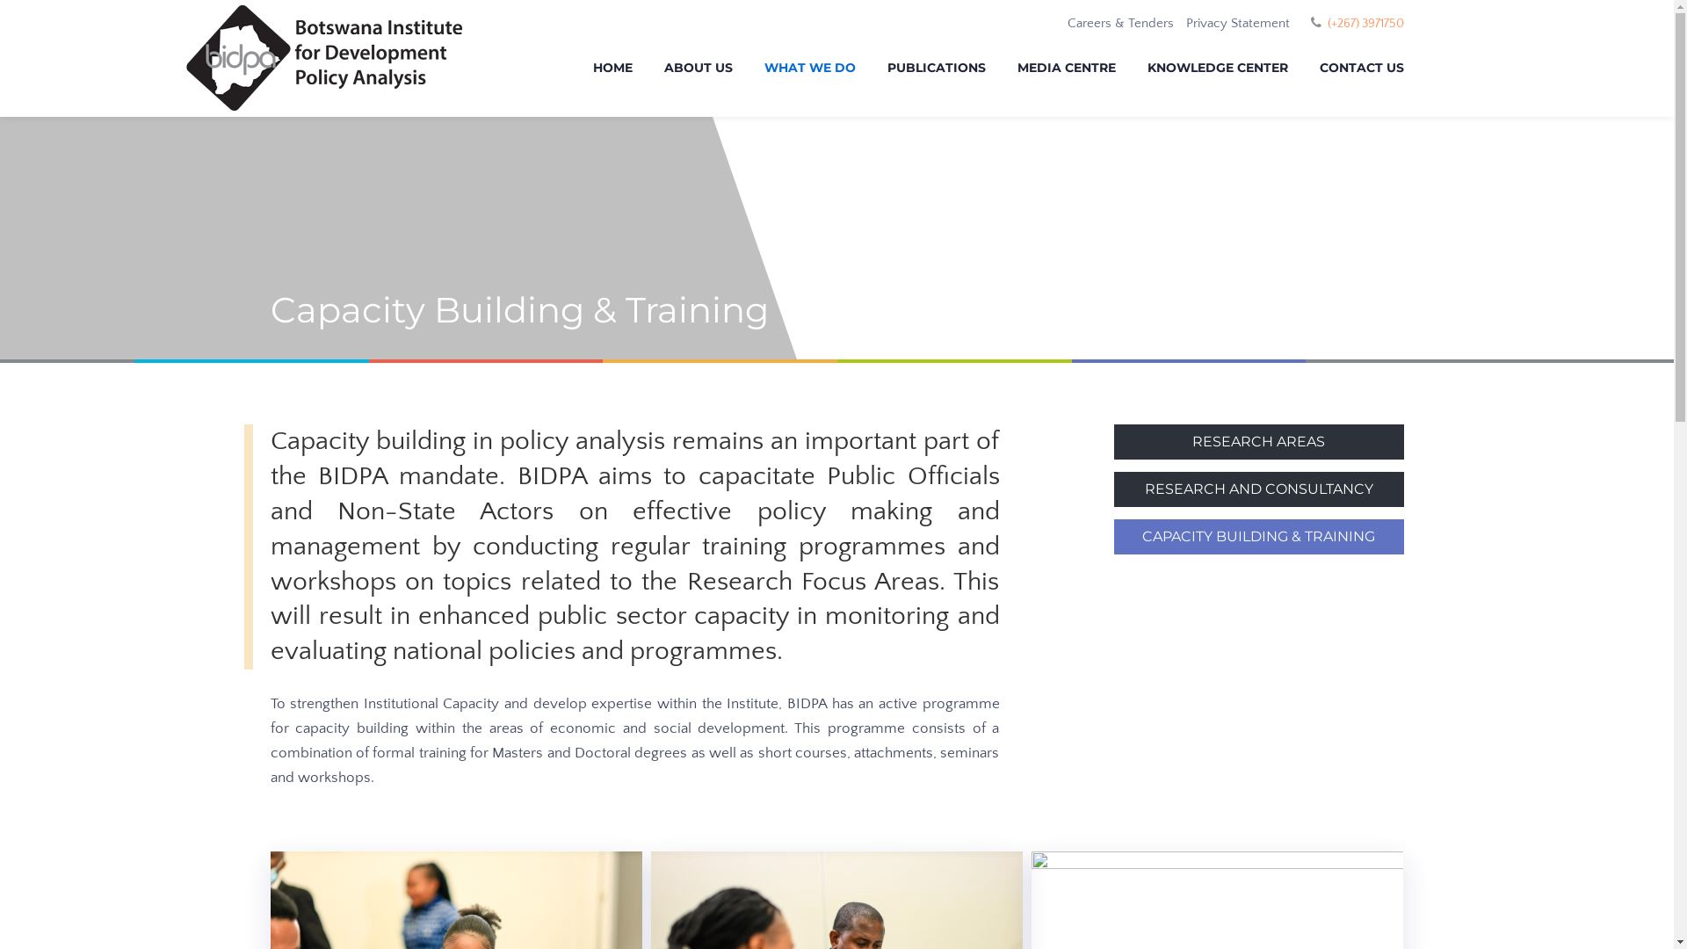  Describe the element at coordinates (1066, 70) in the screenshot. I see `'MEDIA CENTRE'` at that location.